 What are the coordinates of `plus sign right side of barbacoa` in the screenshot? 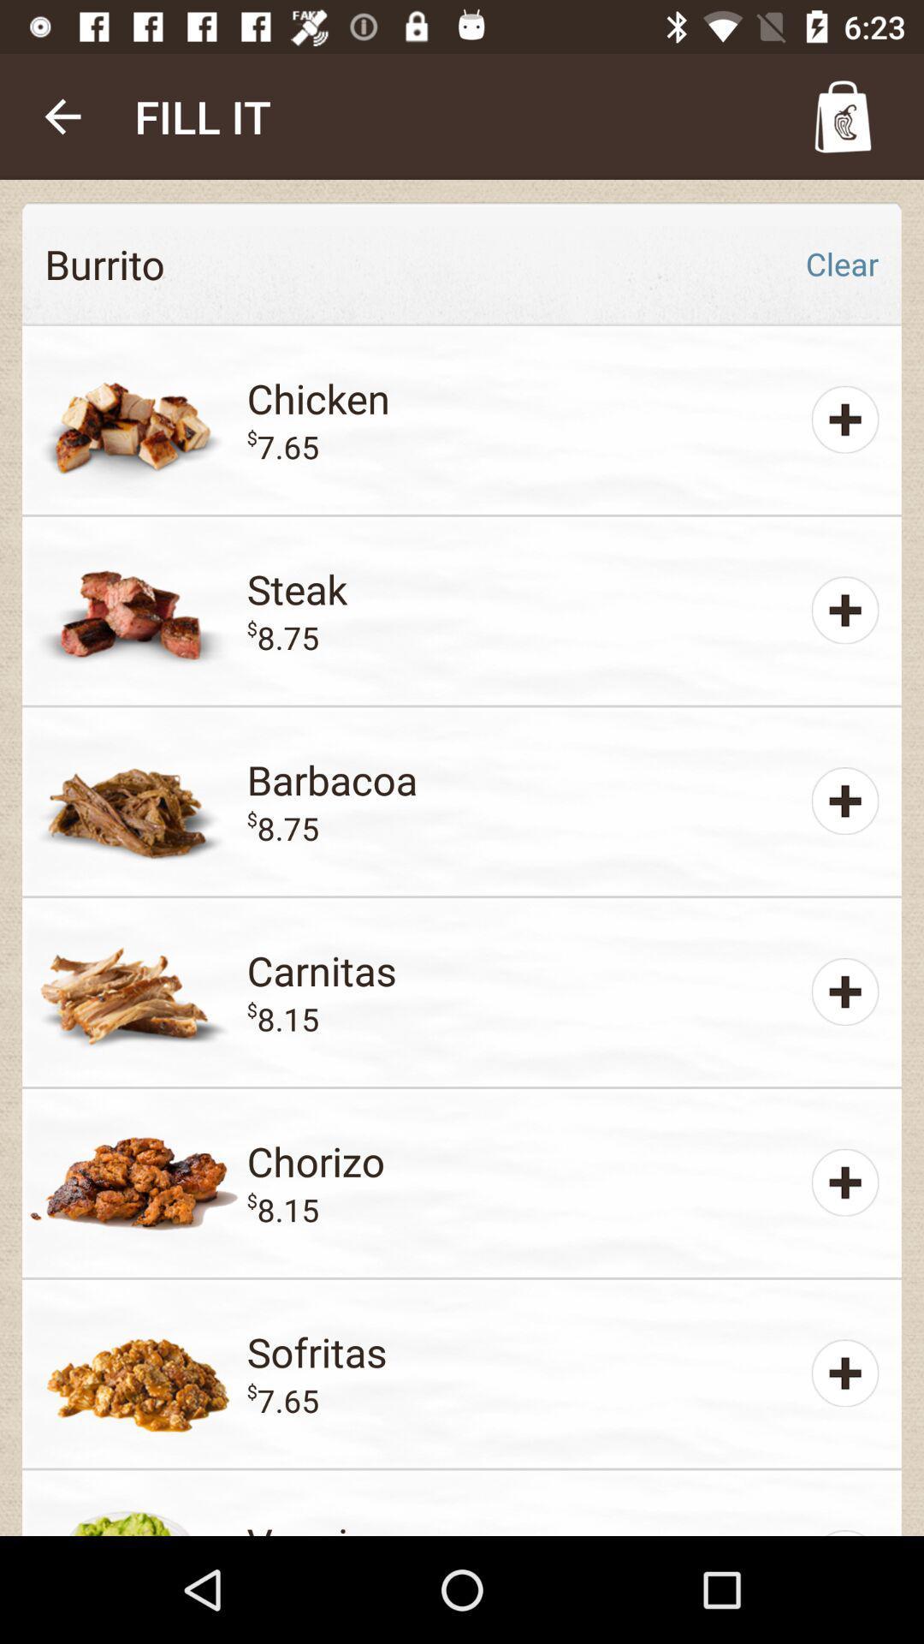 It's located at (844, 800).